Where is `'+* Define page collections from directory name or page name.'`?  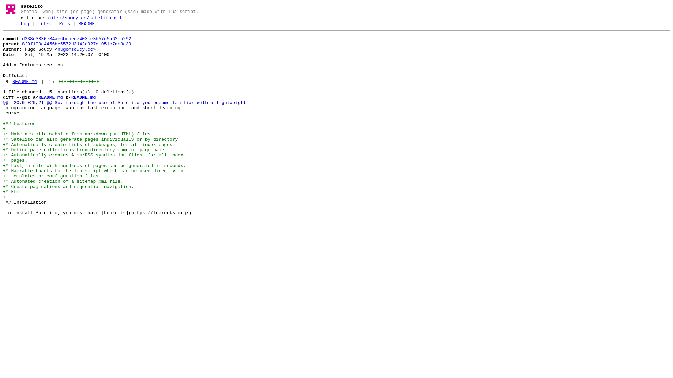 '+* Define page collections from directory name or page name.' is located at coordinates (84, 149).